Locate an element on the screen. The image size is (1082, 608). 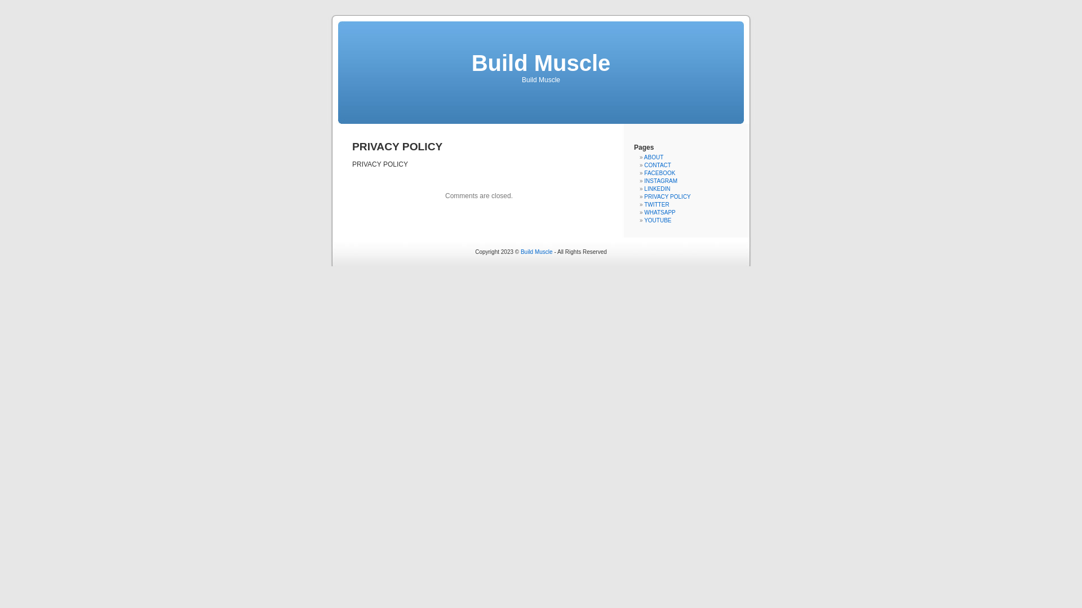
'PRIVACY POLICY' is located at coordinates (667, 196).